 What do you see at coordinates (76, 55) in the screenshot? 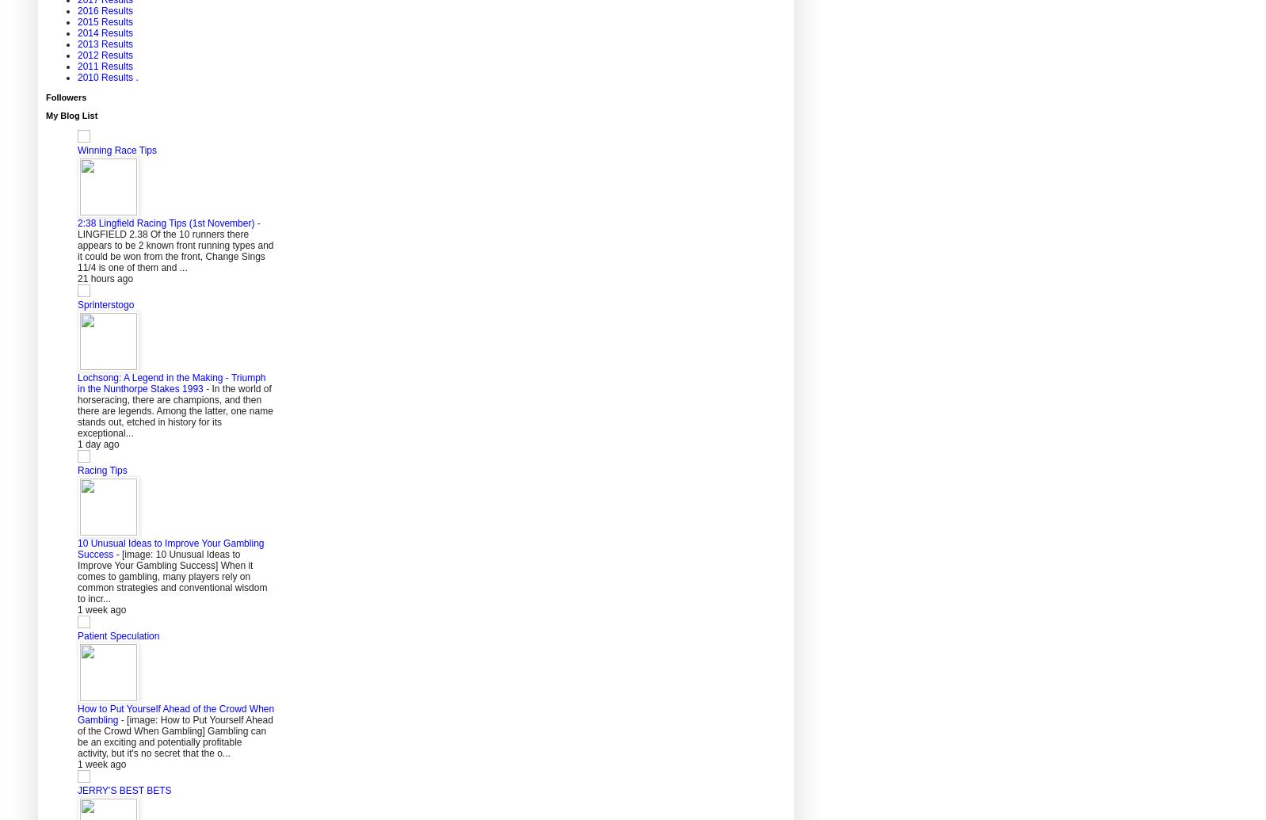
I see `'2012 Results'` at bounding box center [76, 55].